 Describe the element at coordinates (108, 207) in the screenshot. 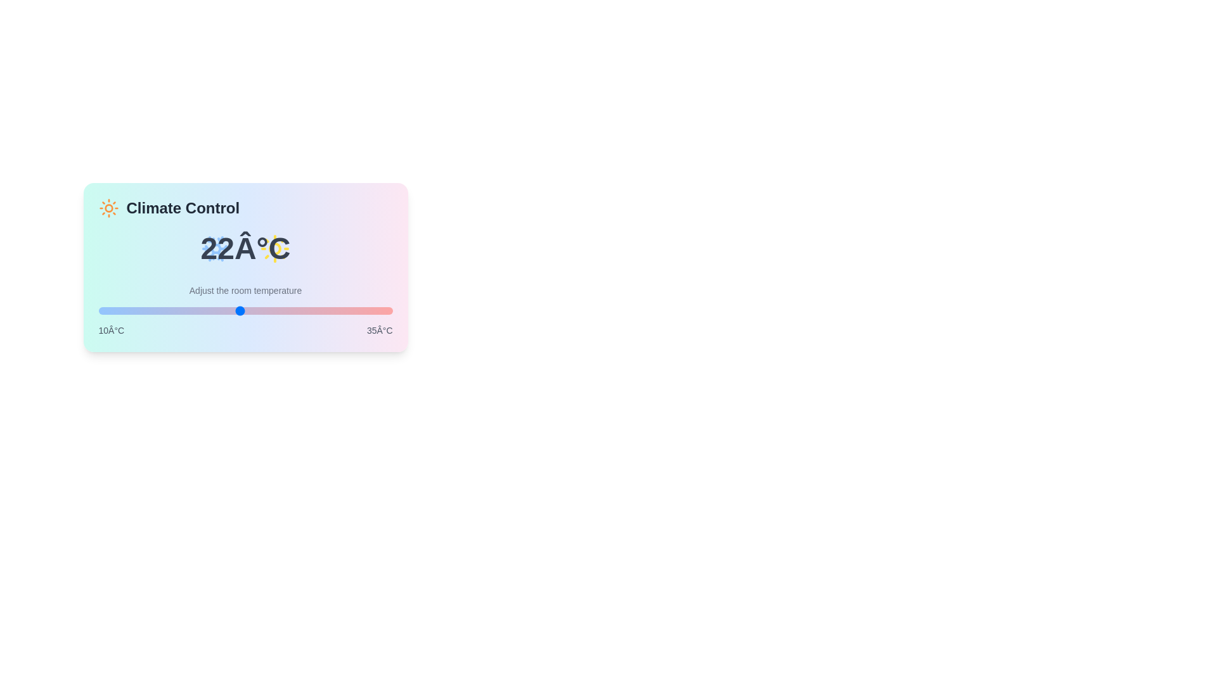

I see `the sun icon in the Climate Control component` at that location.